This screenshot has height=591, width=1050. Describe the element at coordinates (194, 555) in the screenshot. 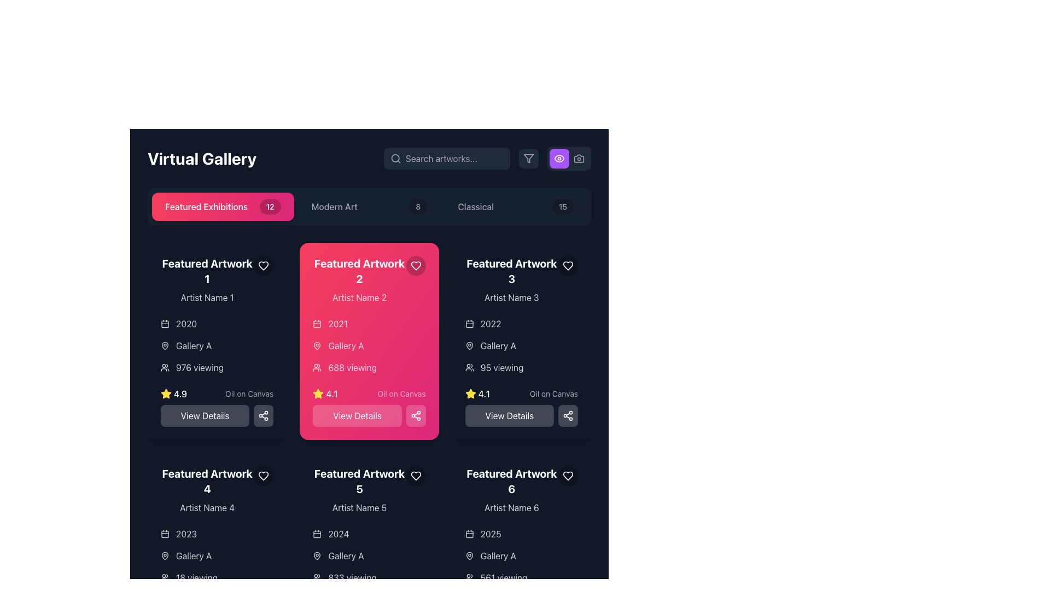

I see `the text label UI element that conveys the name of the gallery associated with 'Featured Artwork 4'` at that location.